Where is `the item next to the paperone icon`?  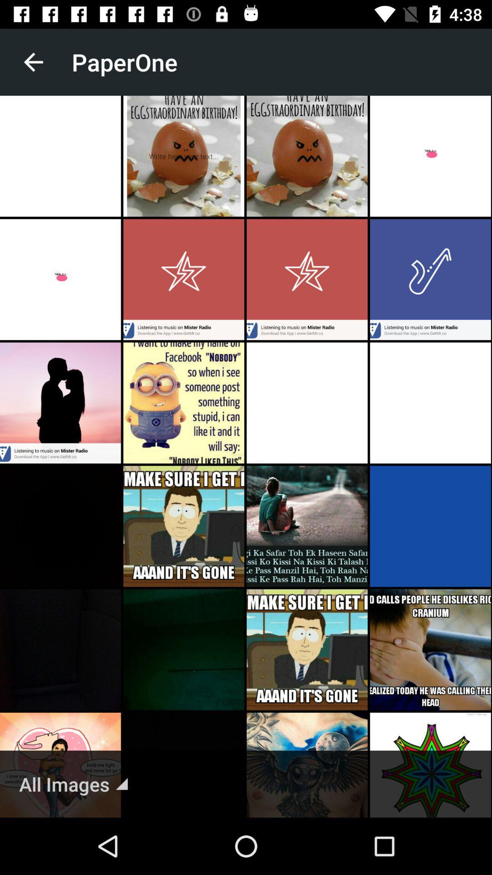 the item next to the paperone icon is located at coordinates (33, 62).